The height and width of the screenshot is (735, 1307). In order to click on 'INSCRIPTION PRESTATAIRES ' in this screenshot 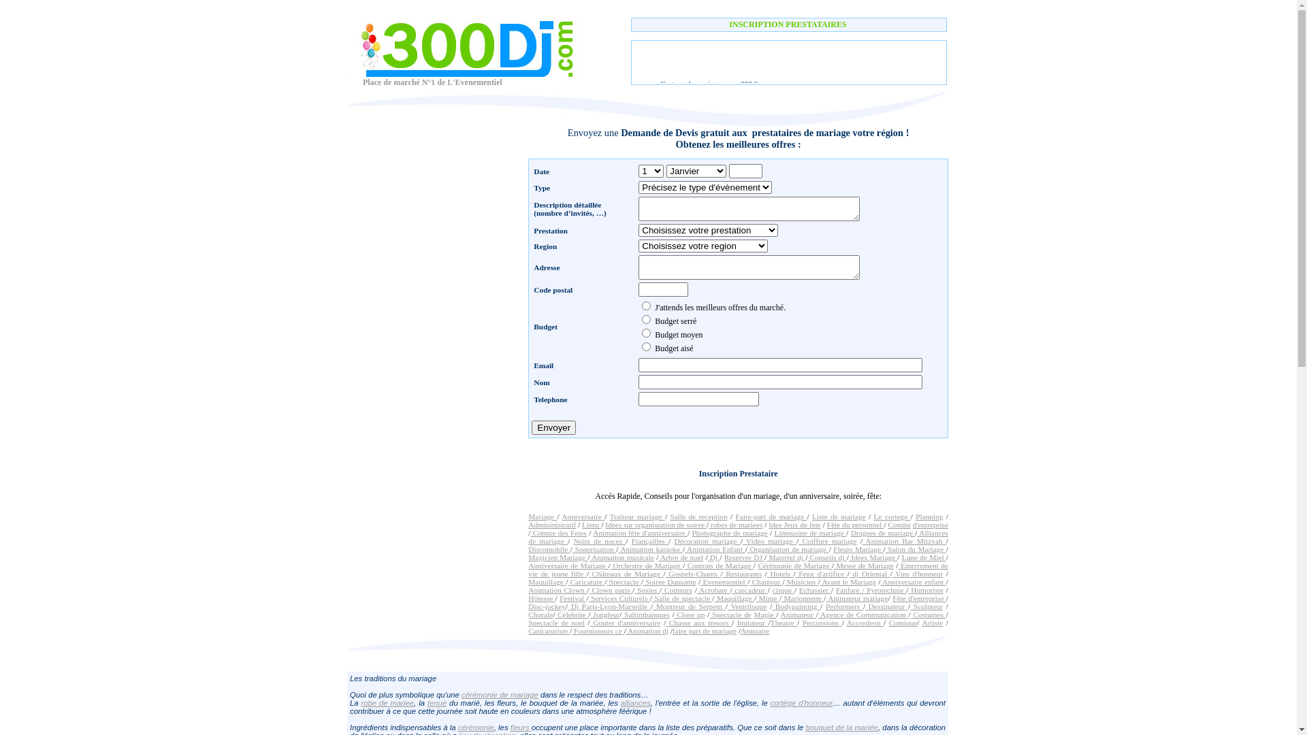, I will do `click(788, 24)`.